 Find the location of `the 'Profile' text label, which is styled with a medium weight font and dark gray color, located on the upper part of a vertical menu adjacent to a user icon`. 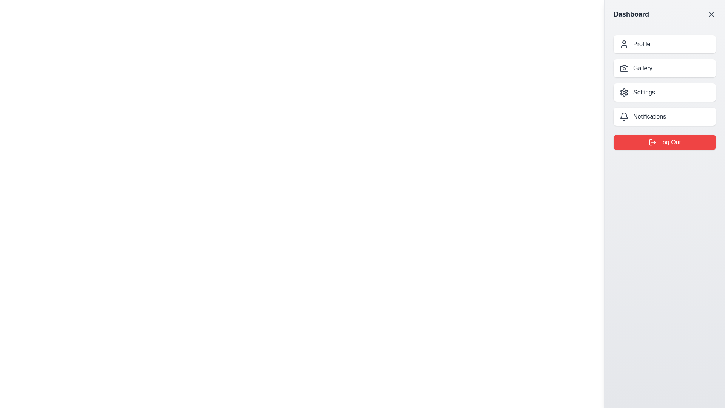

the 'Profile' text label, which is styled with a medium weight font and dark gray color, located on the upper part of a vertical menu adjacent to a user icon is located at coordinates (641, 44).